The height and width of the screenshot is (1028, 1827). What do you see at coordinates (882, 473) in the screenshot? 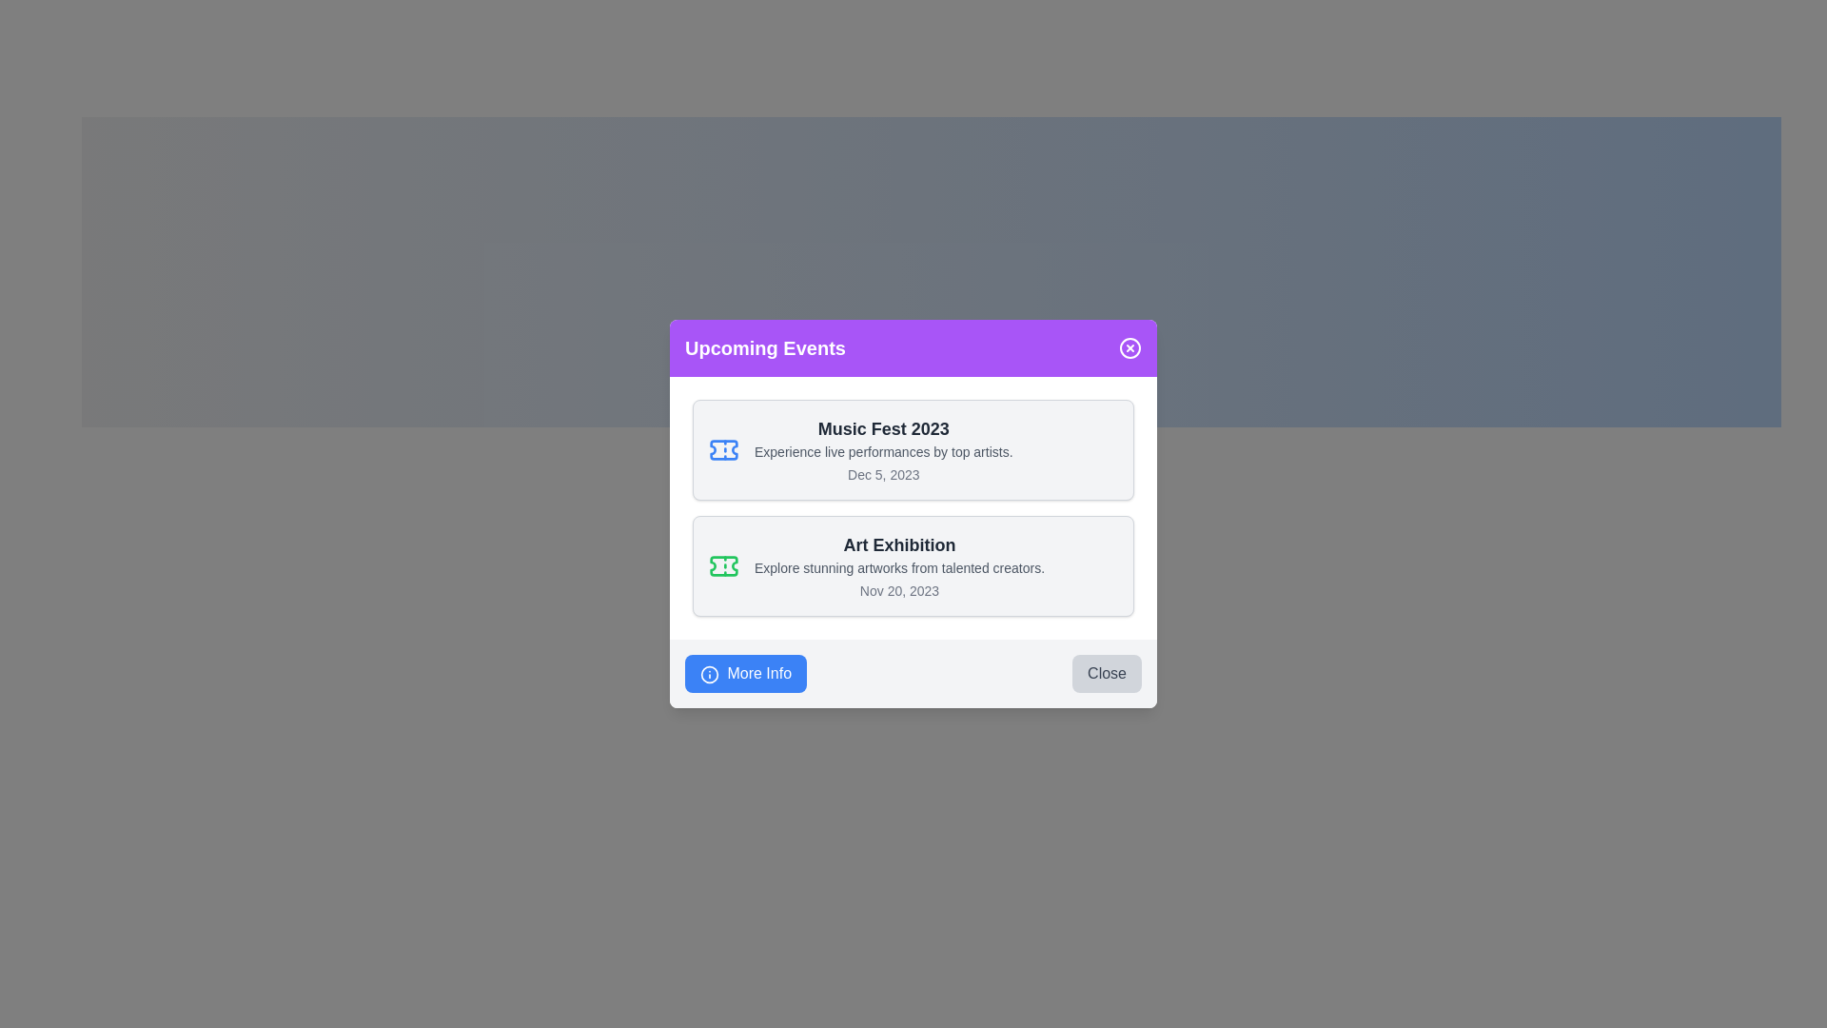
I see `the Text label that provides the date information for the 'Music Fest 2023' event, located below the event title and description` at bounding box center [882, 473].